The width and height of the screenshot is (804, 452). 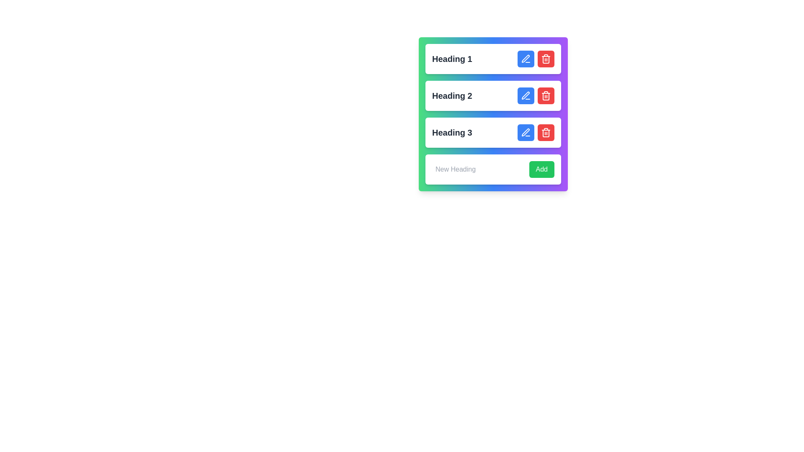 What do you see at coordinates (546, 95) in the screenshot?
I see `the trash can icon button with a red background` at bounding box center [546, 95].